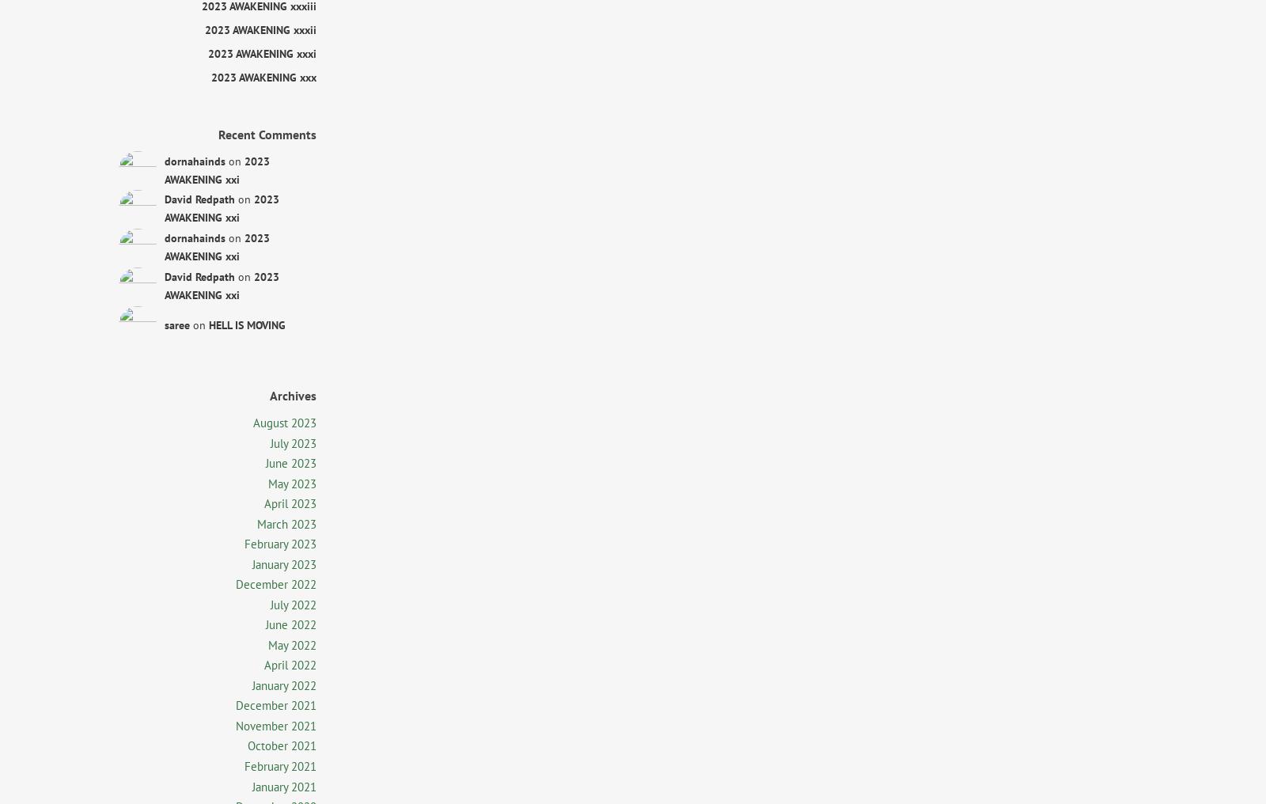 The height and width of the screenshot is (804, 1266). Describe the element at coordinates (280, 765) in the screenshot. I see `'February 2021'` at that location.